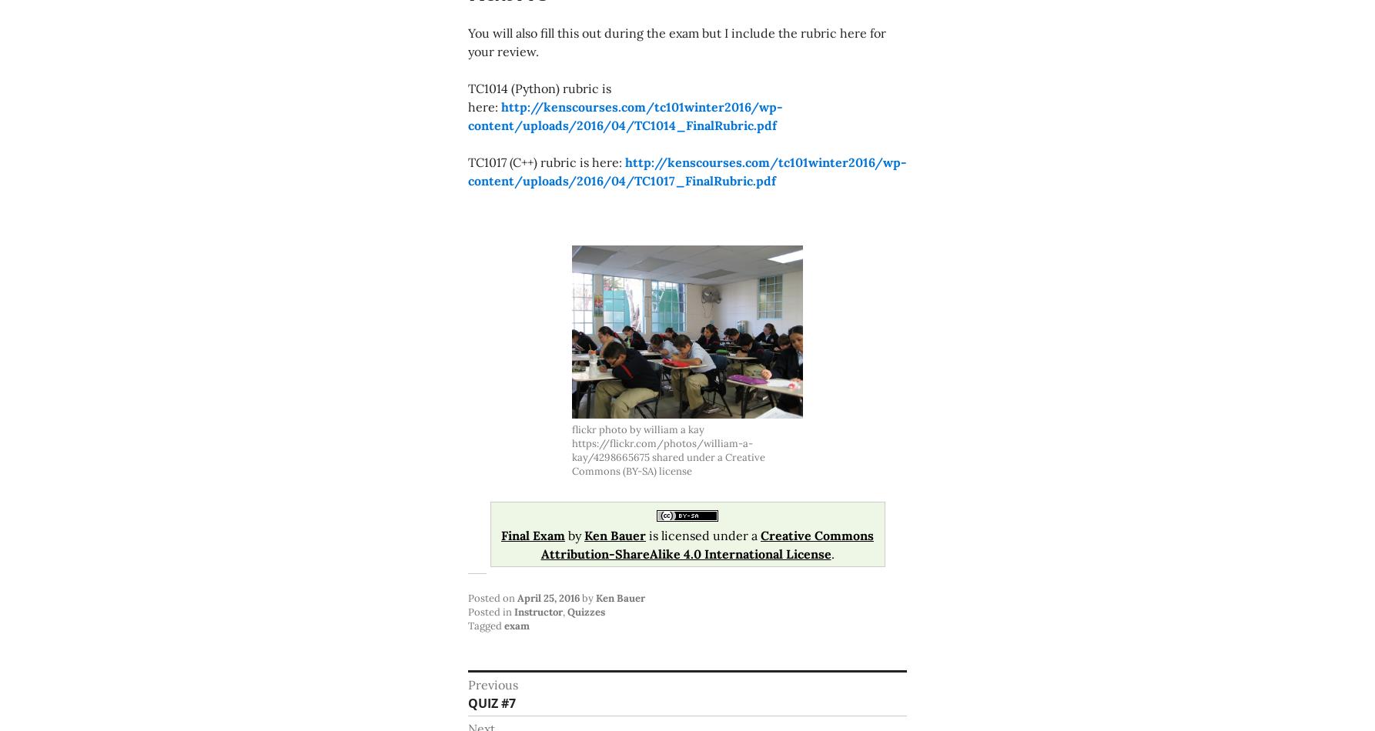 The image size is (1375, 731). I want to click on '.', so click(831, 553).